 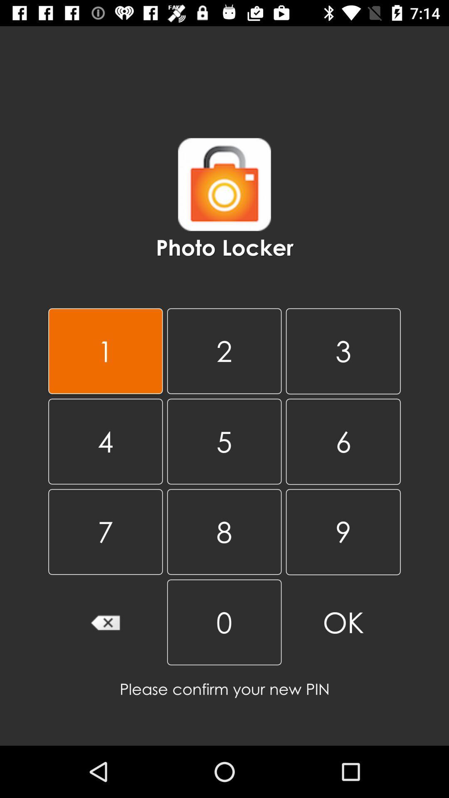 I want to click on the 2 item, so click(x=224, y=351).